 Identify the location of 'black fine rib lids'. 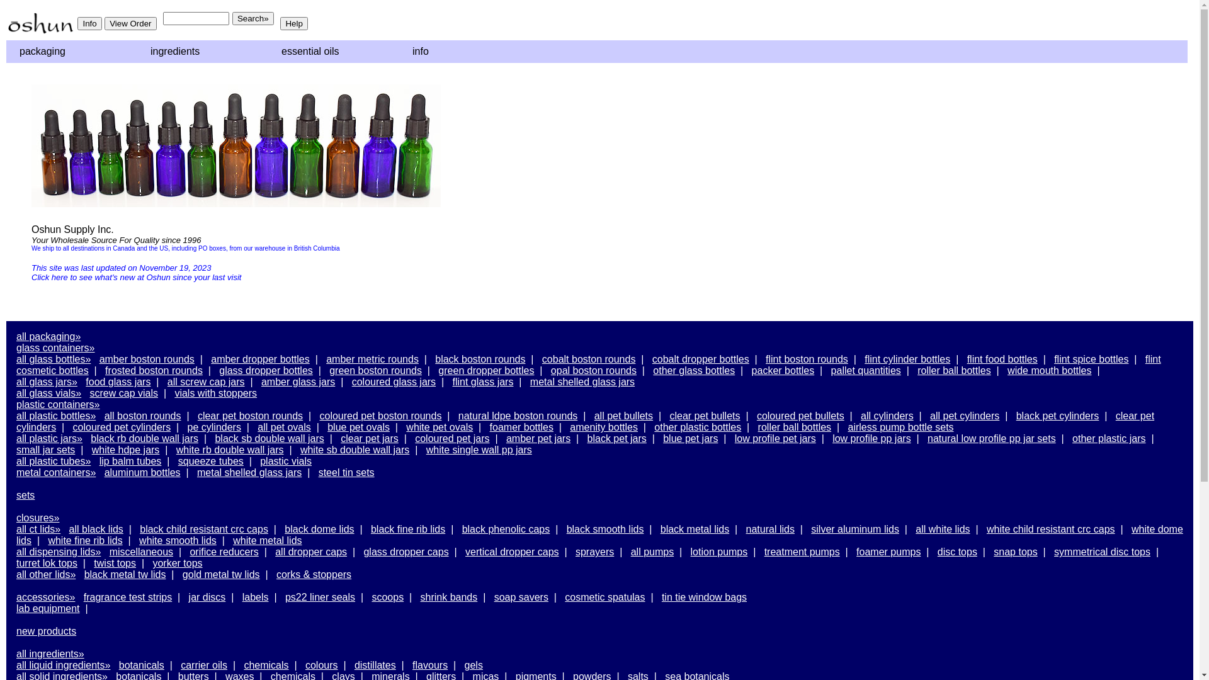
(370, 529).